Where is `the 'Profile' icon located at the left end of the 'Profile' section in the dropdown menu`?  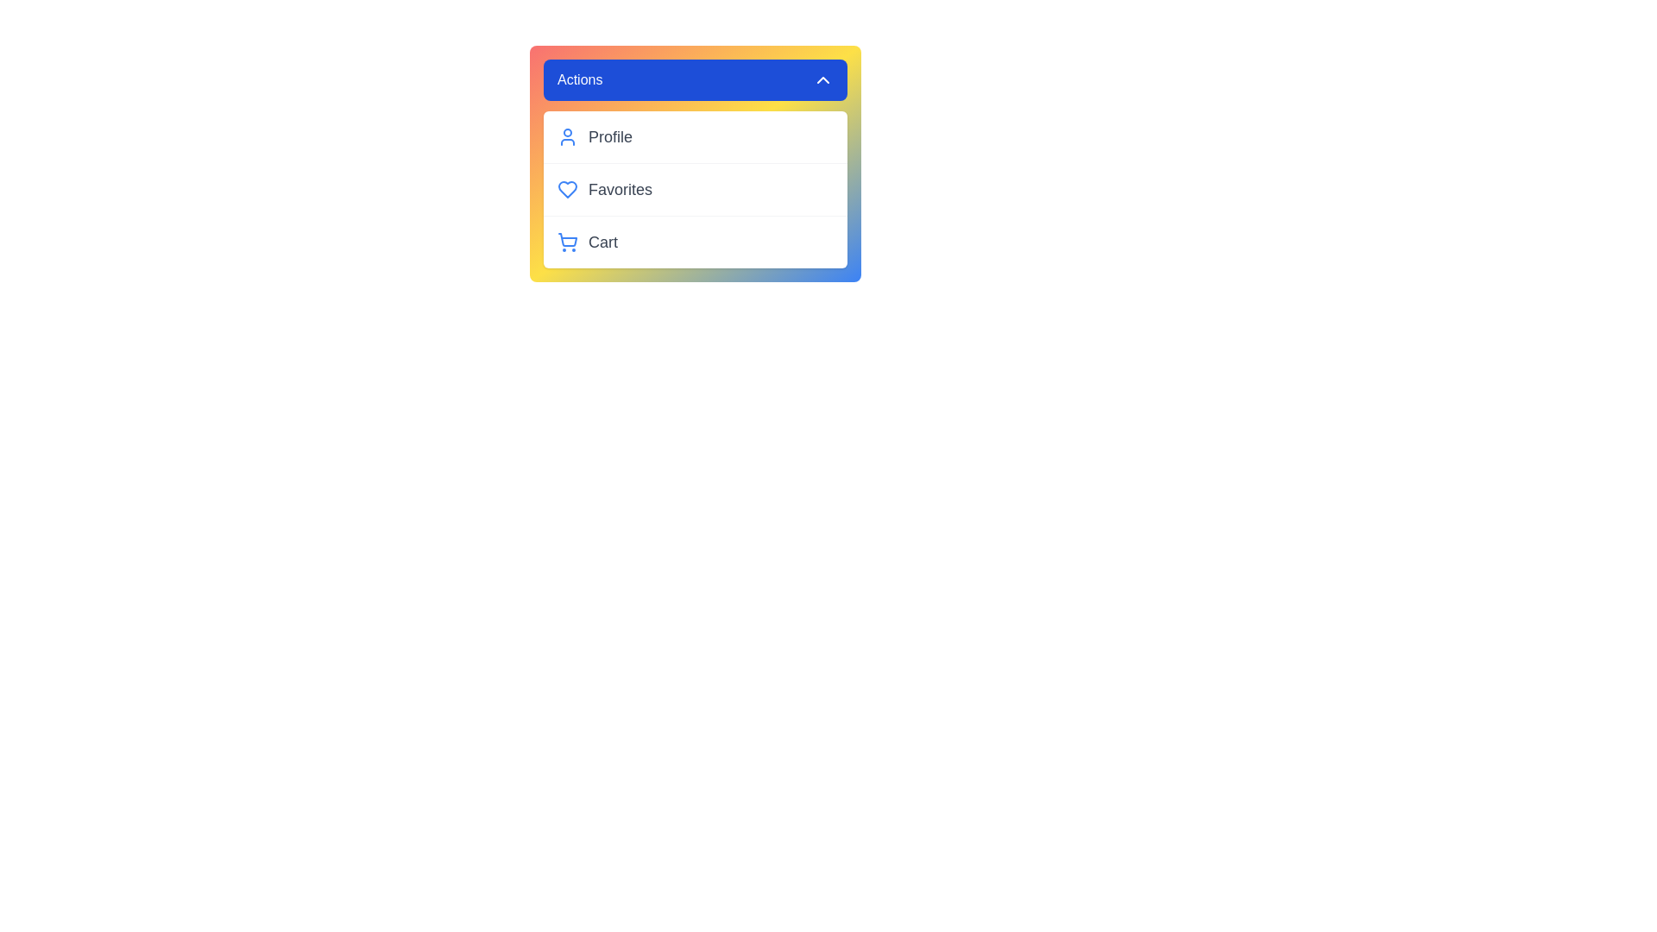
the 'Profile' icon located at the left end of the 'Profile' section in the dropdown menu is located at coordinates (567, 135).